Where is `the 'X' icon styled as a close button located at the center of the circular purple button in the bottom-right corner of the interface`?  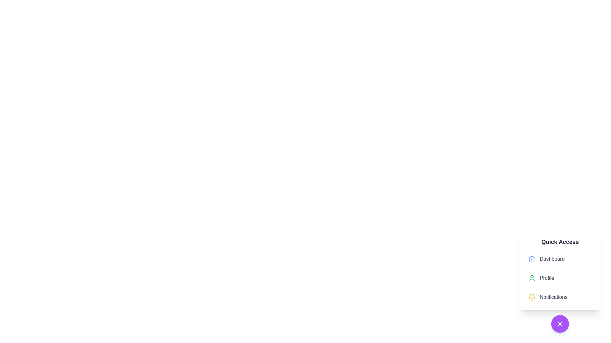 the 'X' icon styled as a close button located at the center of the circular purple button in the bottom-right corner of the interface is located at coordinates (560, 324).